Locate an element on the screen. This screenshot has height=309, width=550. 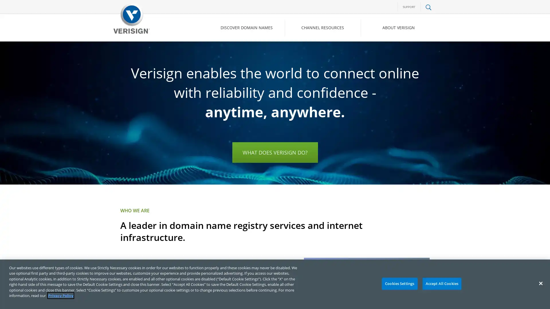
Close is located at coordinates (540, 283).